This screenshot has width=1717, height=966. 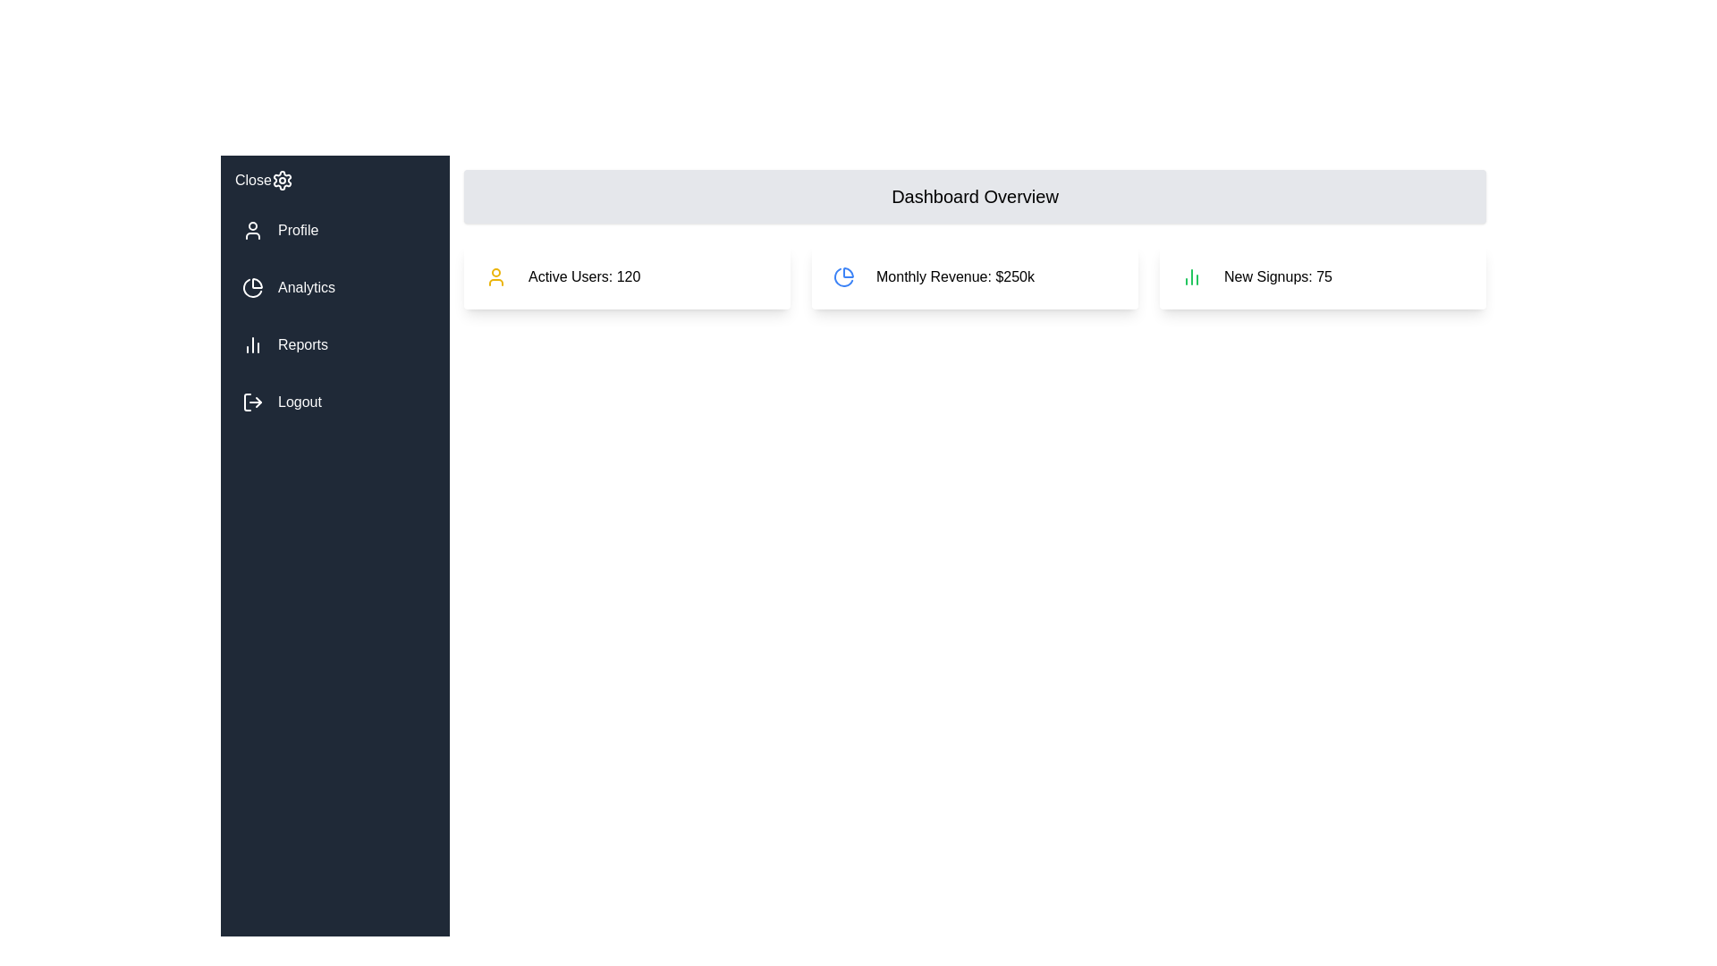 What do you see at coordinates (258, 402) in the screenshot?
I see `the small triangular-shaped arrow pointing rightwards, which is part of the logout icon in the left sidebar` at bounding box center [258, 402].